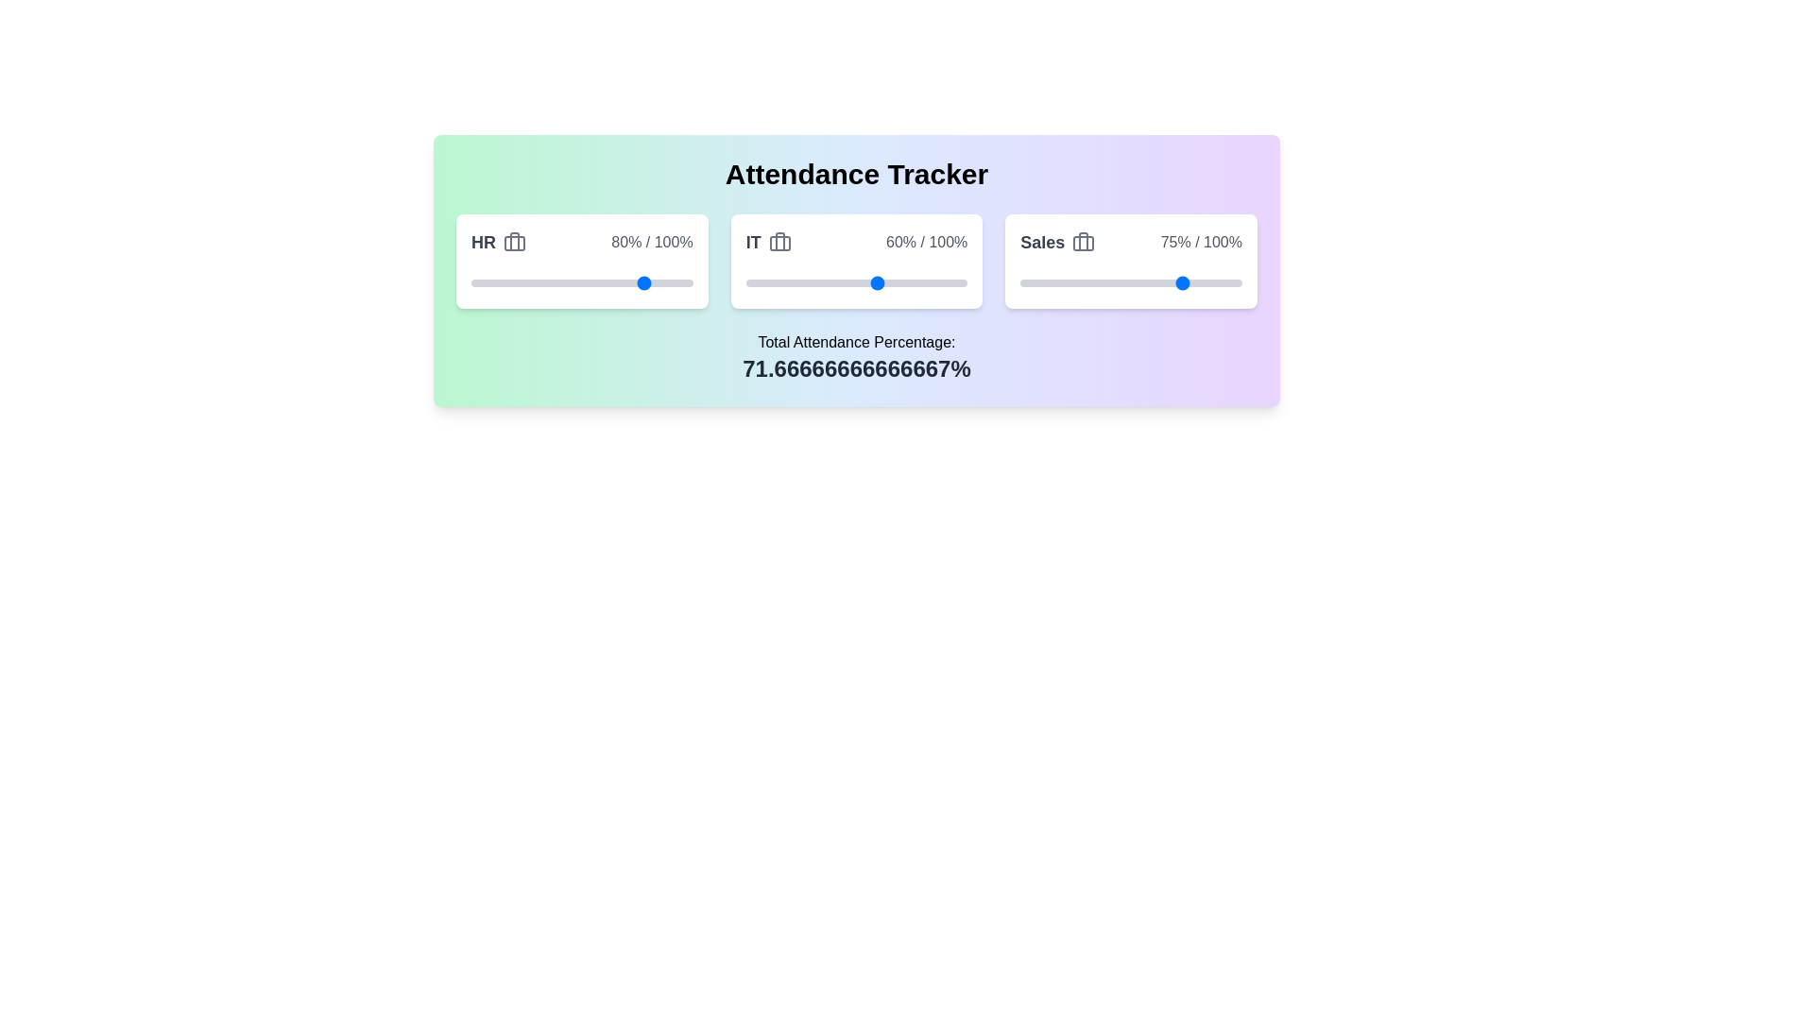 Image resolution: width=1814 pixels, height=1020 pixels. What do you see at coordinates (1188, 283) in the screenshot?
I see `the slider's value` at bounding box center [1188, 283].